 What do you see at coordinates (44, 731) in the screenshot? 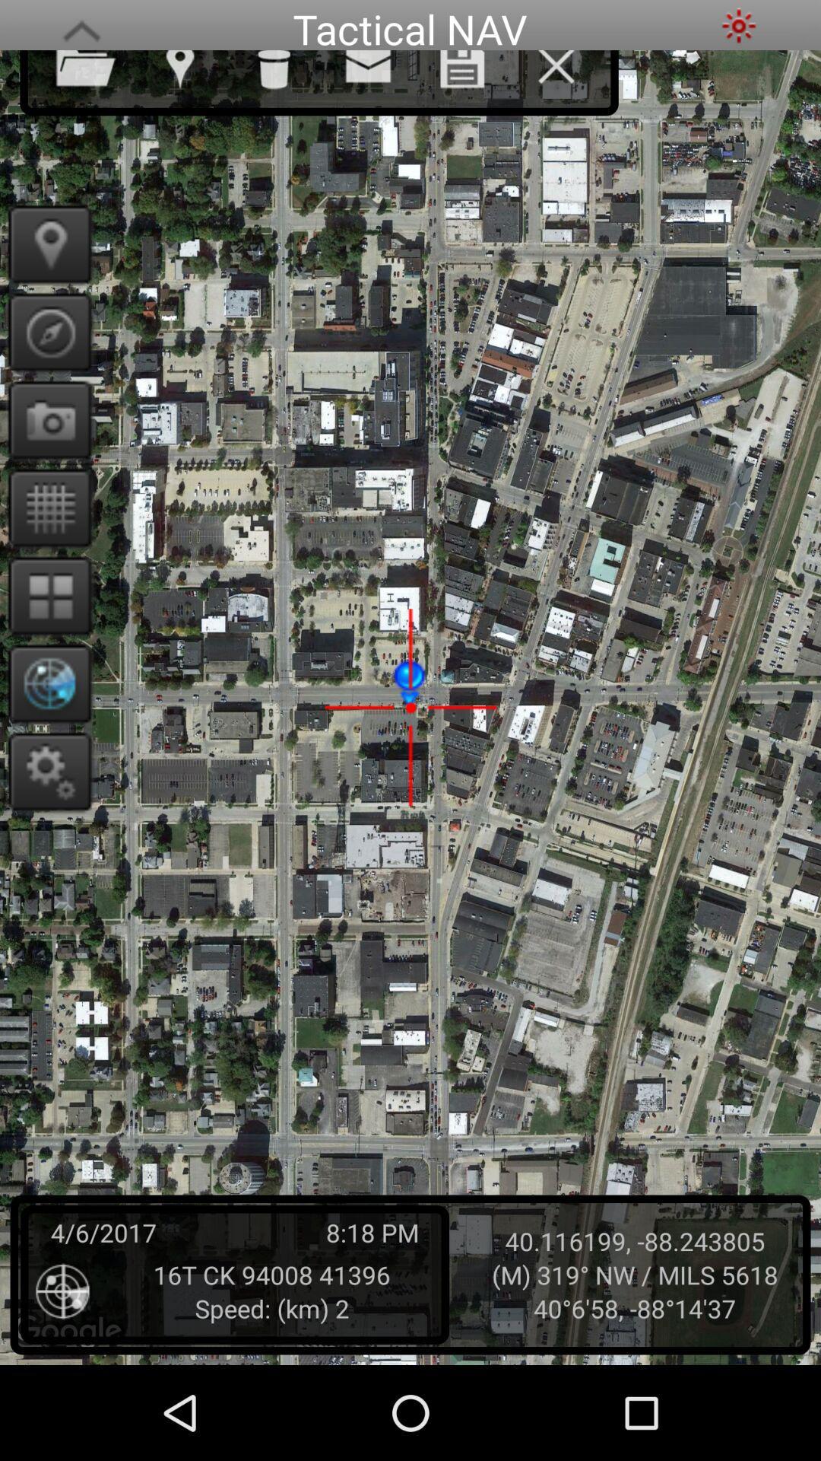
I see `the globe icon` at bounding box center [44, 731].